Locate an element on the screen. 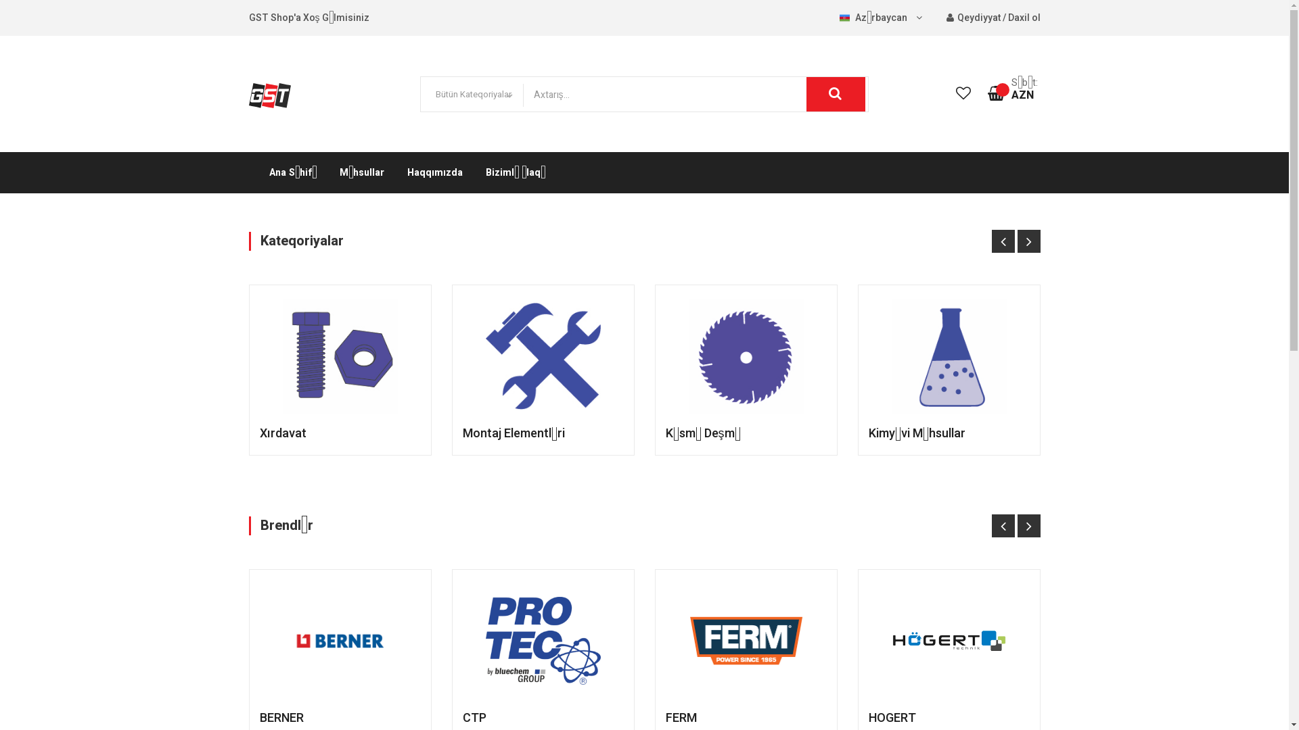 The height and width of the screenshot is (730, 1299). 'Qeydiyyat / Daxil ol' is located at coordinates (993, 18).